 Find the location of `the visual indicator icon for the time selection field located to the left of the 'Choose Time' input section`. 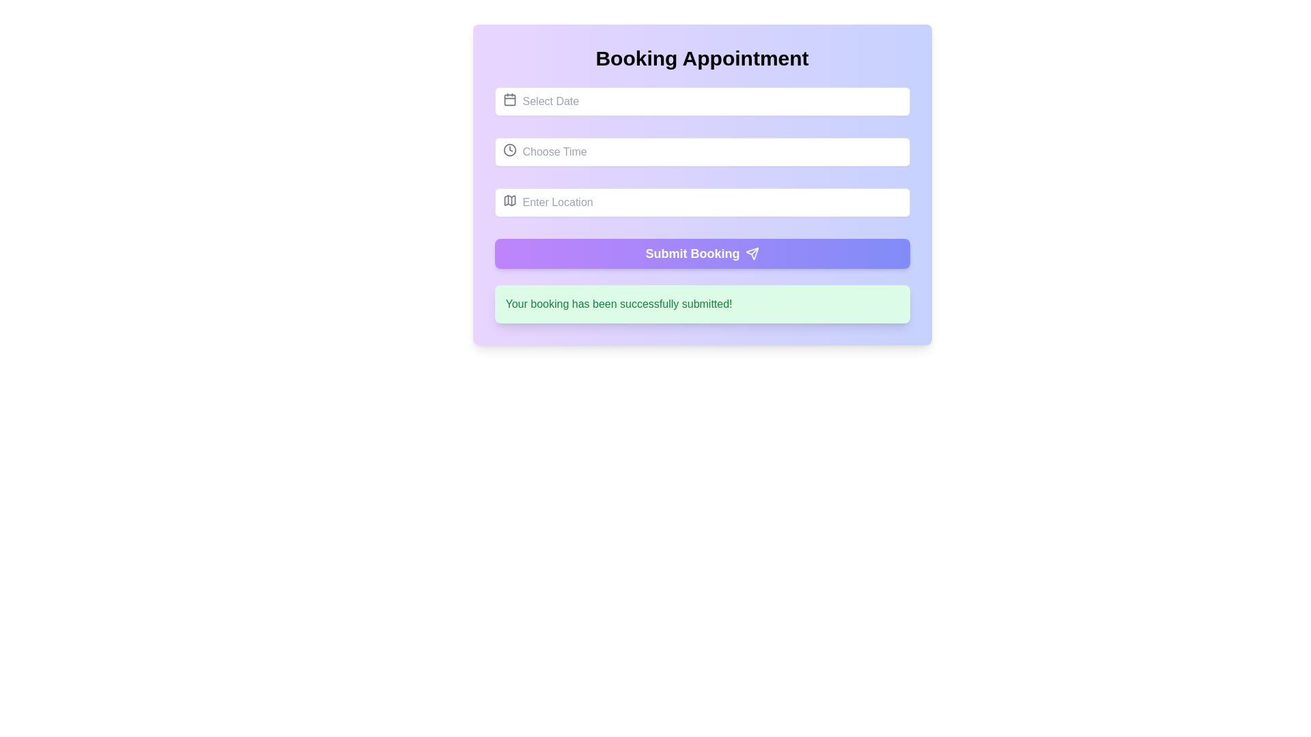

the visual indicator icon for the time selection field located to the left of the 'Choose Time' input section is located at coordinates (509, 149).